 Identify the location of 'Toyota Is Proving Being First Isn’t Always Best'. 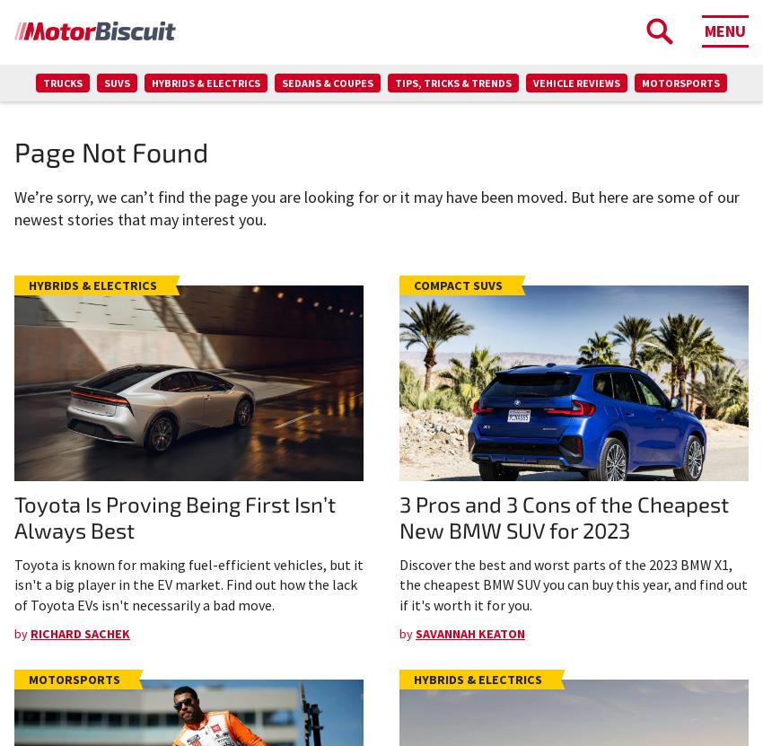
(13, 516).